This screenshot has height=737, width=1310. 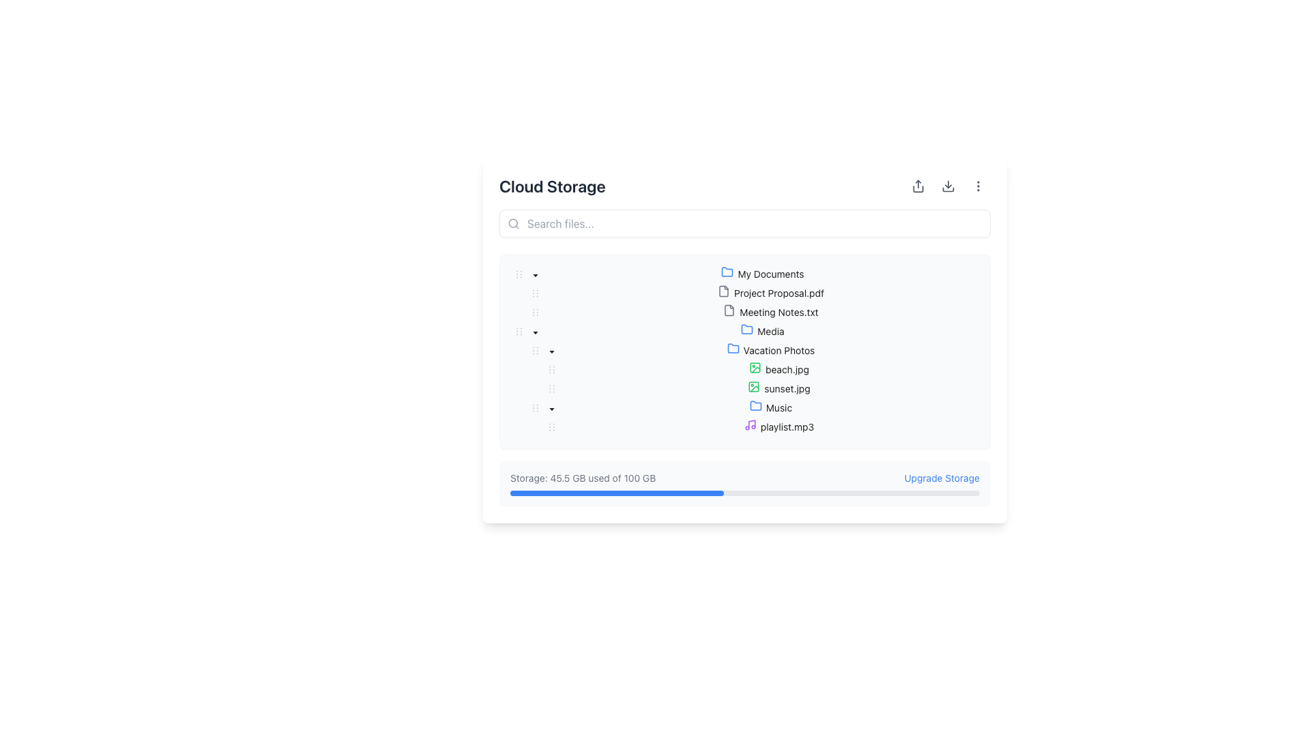 I want to click on the small, downward-pointing caret icon button located next to the 'Media' folder label in the file tree section, so click(x=535, y=332).